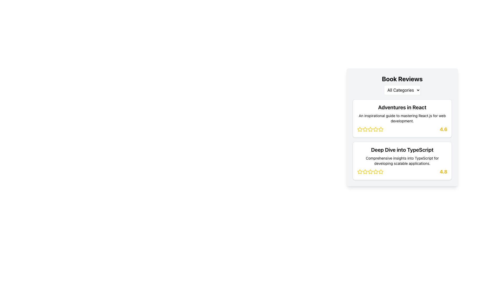 This screenshot has height=283, width=504. Describe the element at coordinates (443, 129) in the screenshot. I see `the bold yellow text displaying the numeric value '4.6' that is aligned to the right side of the book review for 'Adventures in React'` at that location.